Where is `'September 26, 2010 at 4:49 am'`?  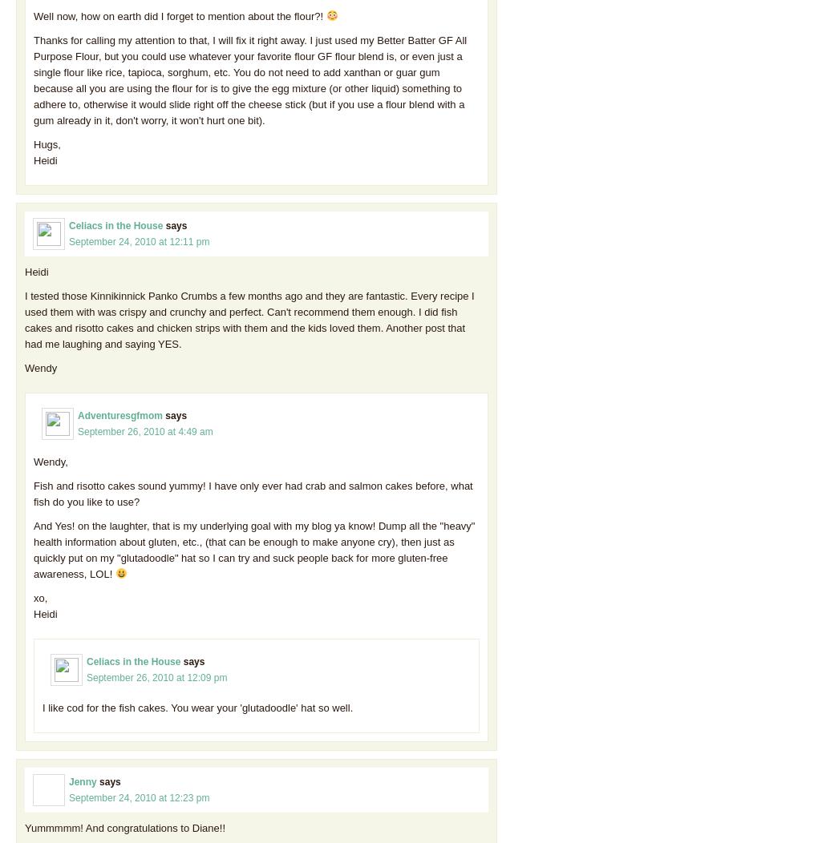
'September 26, 2010 at 4:49 am' is located at coordinates (144, 430).